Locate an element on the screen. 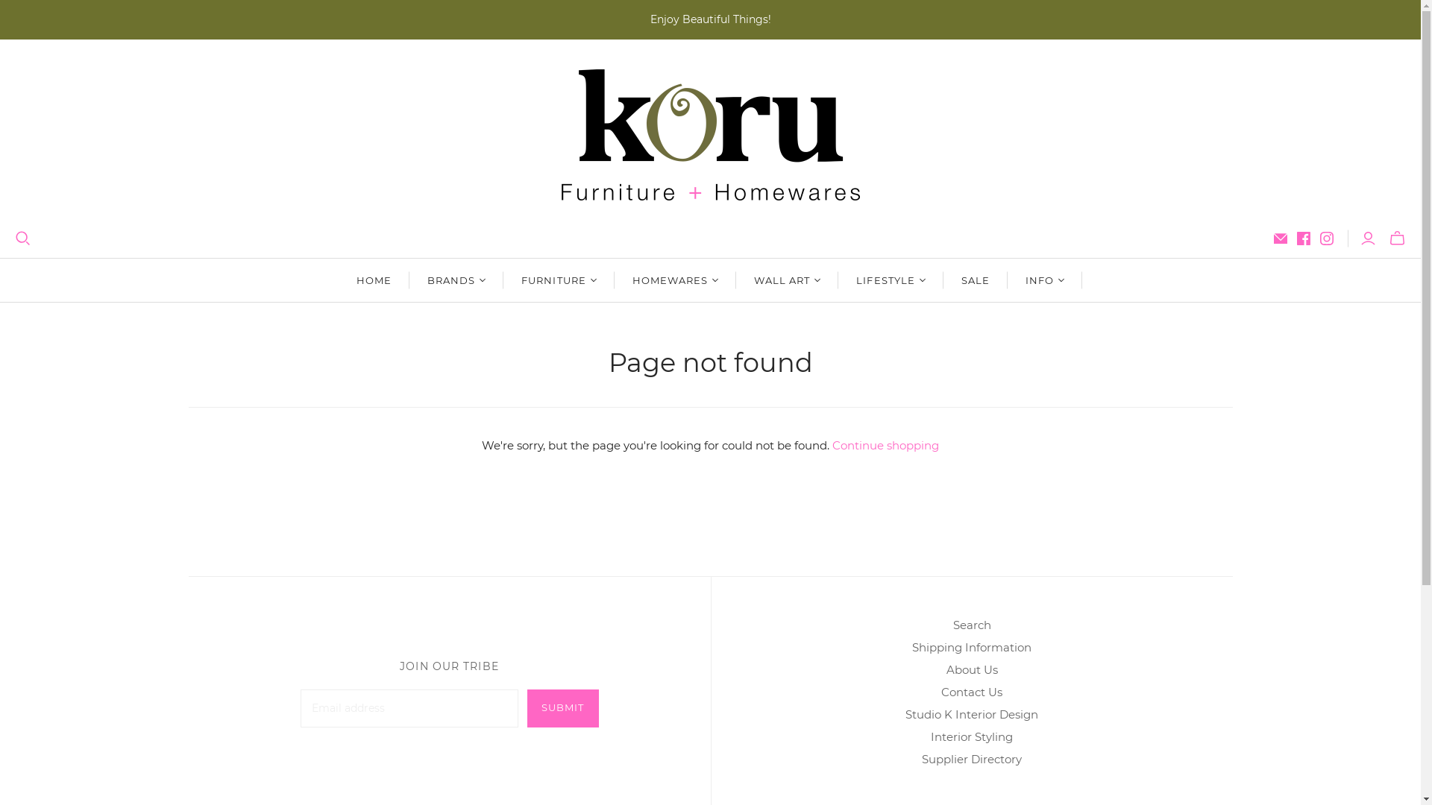 Image resolution: width=1432 pixels, height=805 pixels. 'Search' is located at coordinates (972, 625).